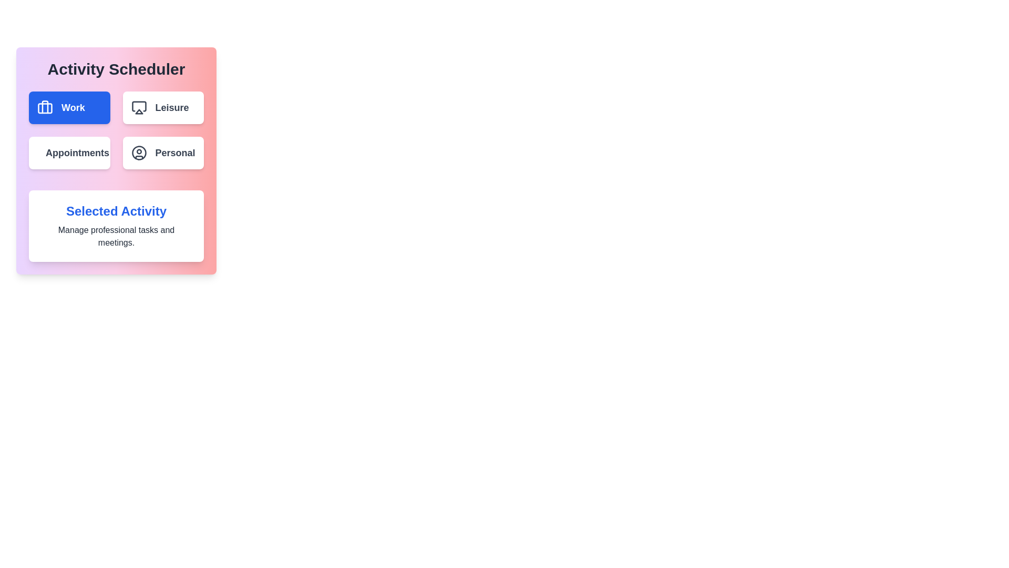 The width and height of the screenshot is (1009, 568). Describe the element at coordinates (138, 153) in the screenshot. I see `the circular graphical icon representing a user profile, which is centrally located within the fourth button labeled 'Personal' in the 'Activity Scheduler' interface` at that location.